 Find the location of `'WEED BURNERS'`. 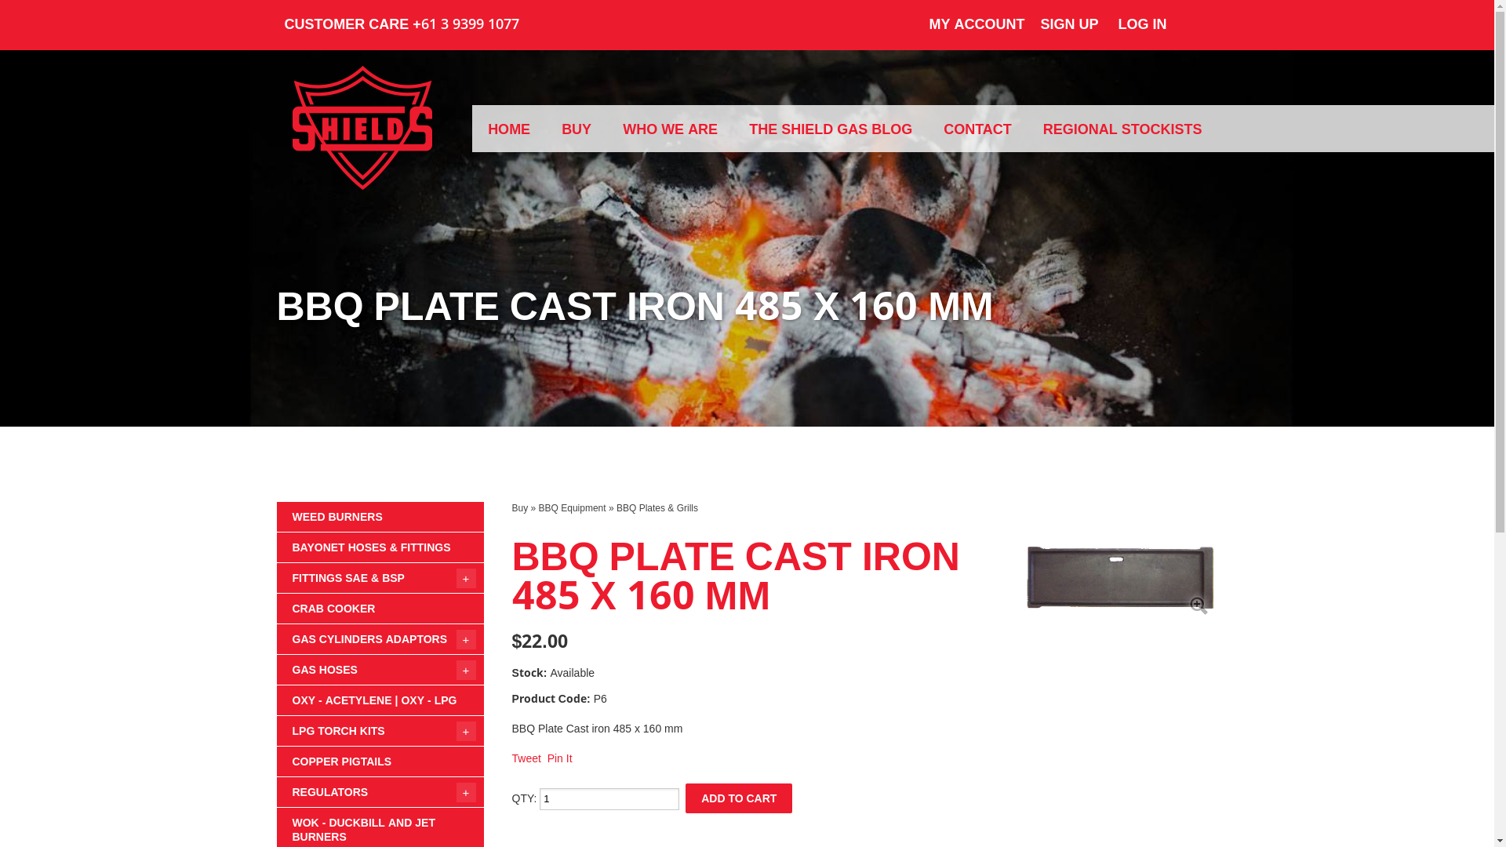

'WEED BURNERS' is located at coordinates (380, 517).